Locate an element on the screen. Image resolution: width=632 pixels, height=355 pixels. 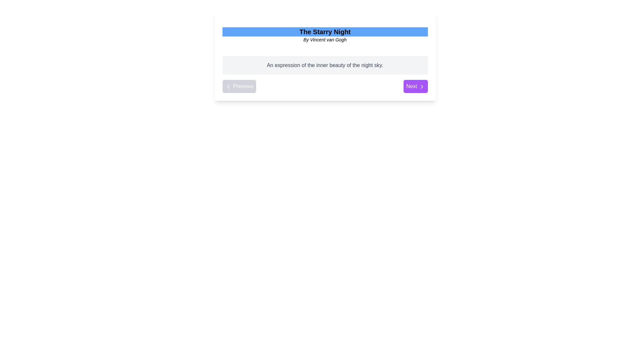
the descriptive text display box located beneath the title 'The Starry Night' and above the 'Previous' and 'Next' buttons is located at coordinates (325, 65).